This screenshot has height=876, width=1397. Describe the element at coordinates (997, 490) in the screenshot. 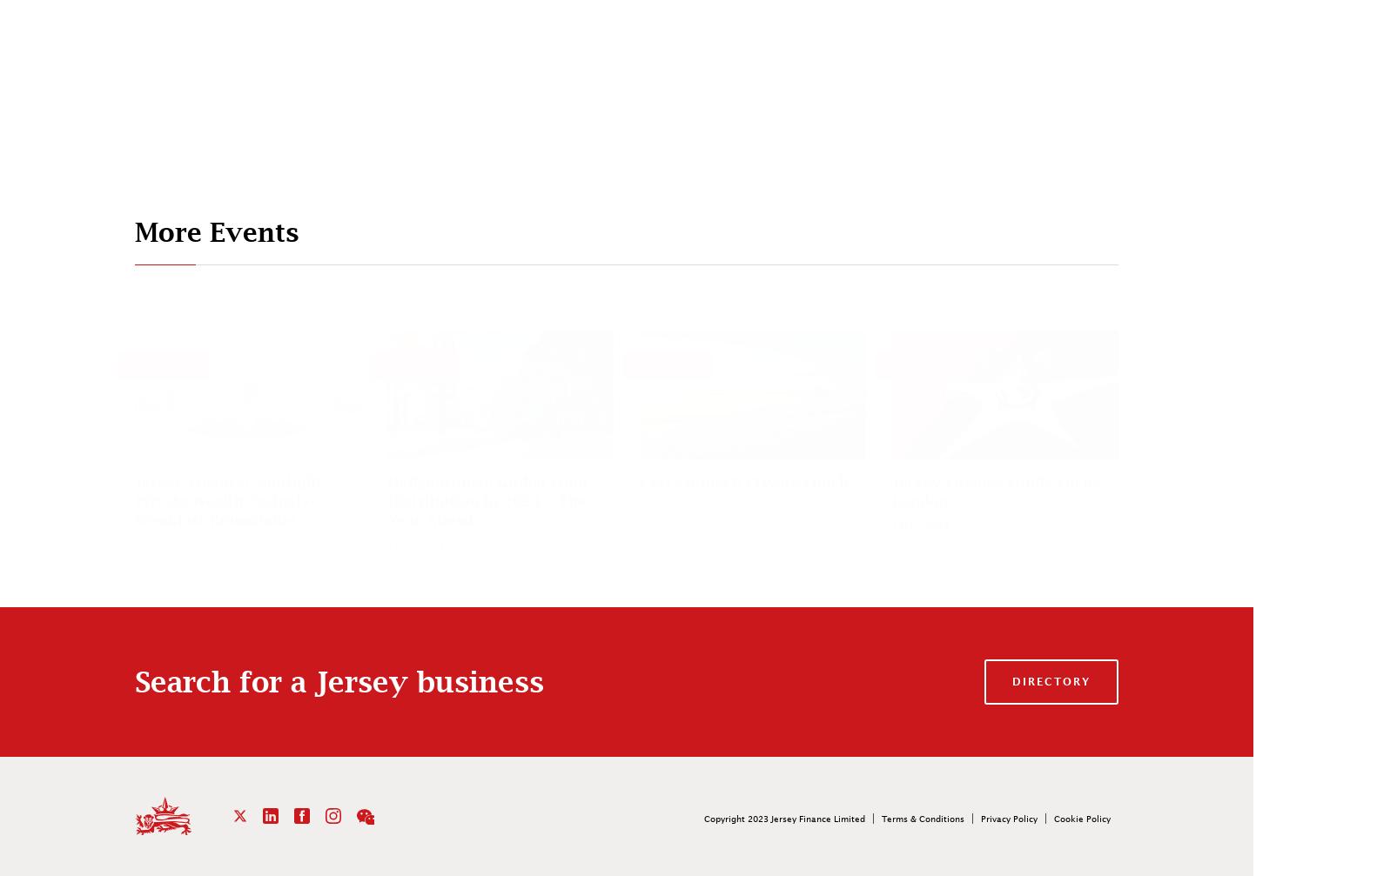

I see `'Jersey Finance Funds Focus: London'` at that location.